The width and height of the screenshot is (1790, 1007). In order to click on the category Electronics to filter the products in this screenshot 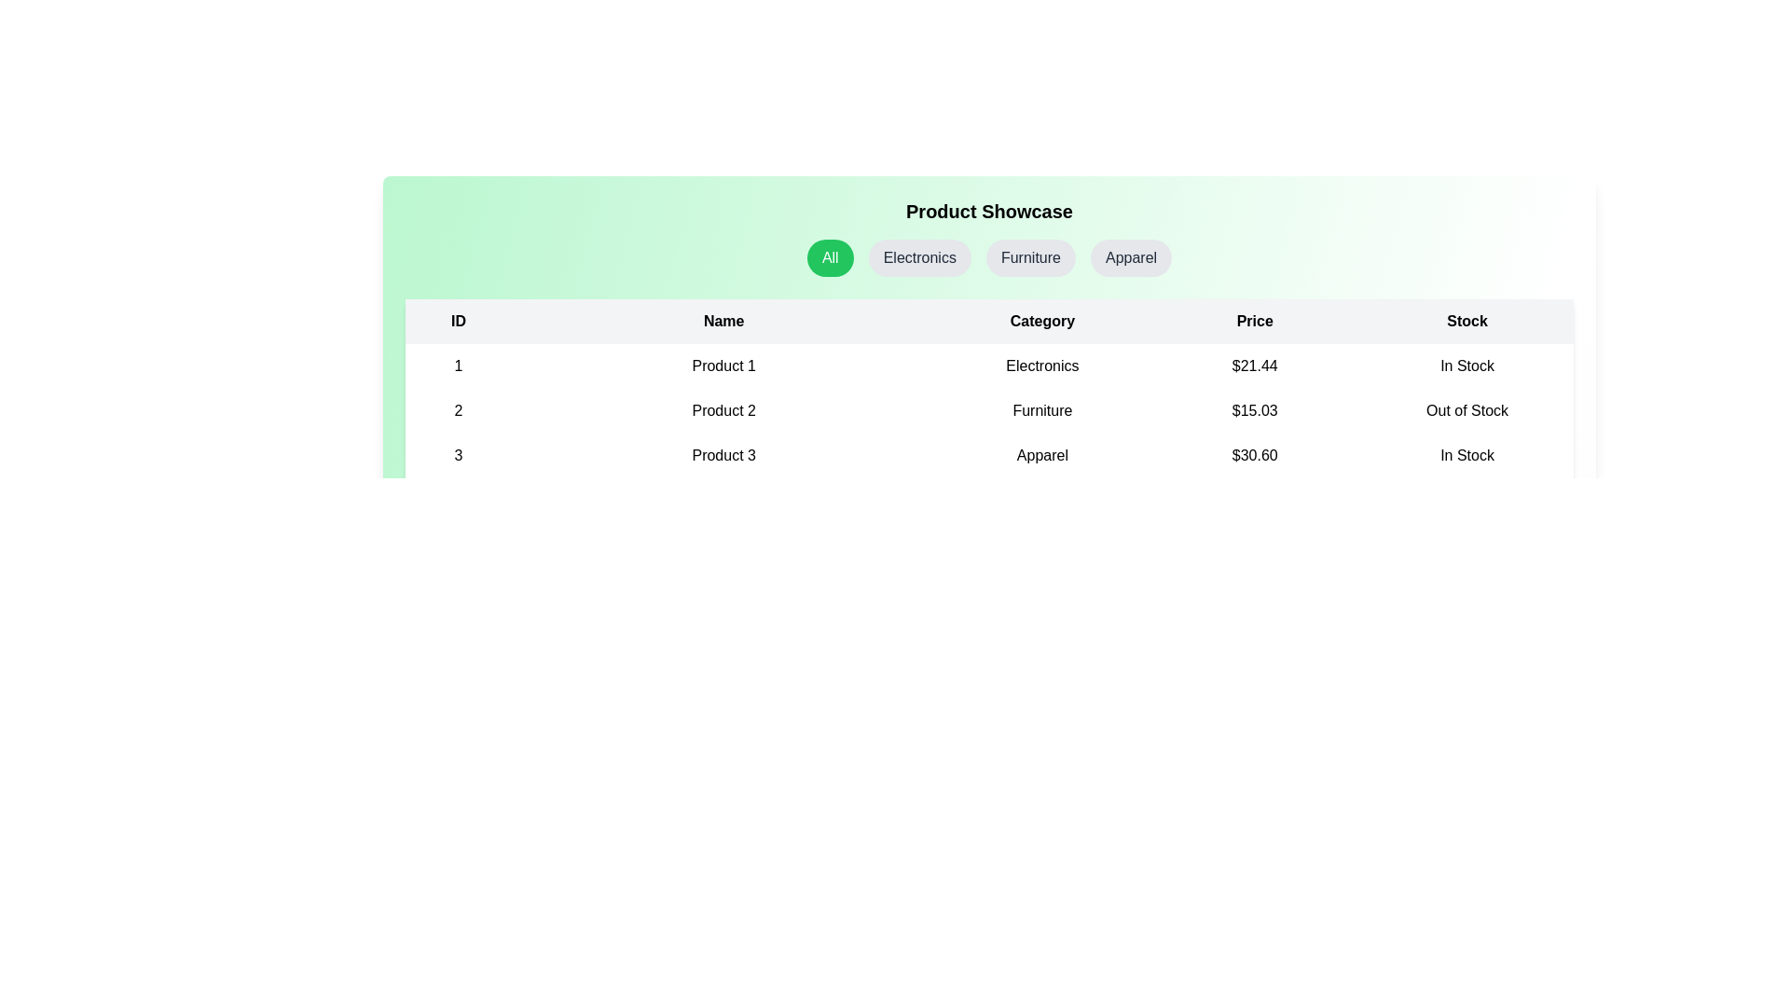, I will do `click(920, 258)`.